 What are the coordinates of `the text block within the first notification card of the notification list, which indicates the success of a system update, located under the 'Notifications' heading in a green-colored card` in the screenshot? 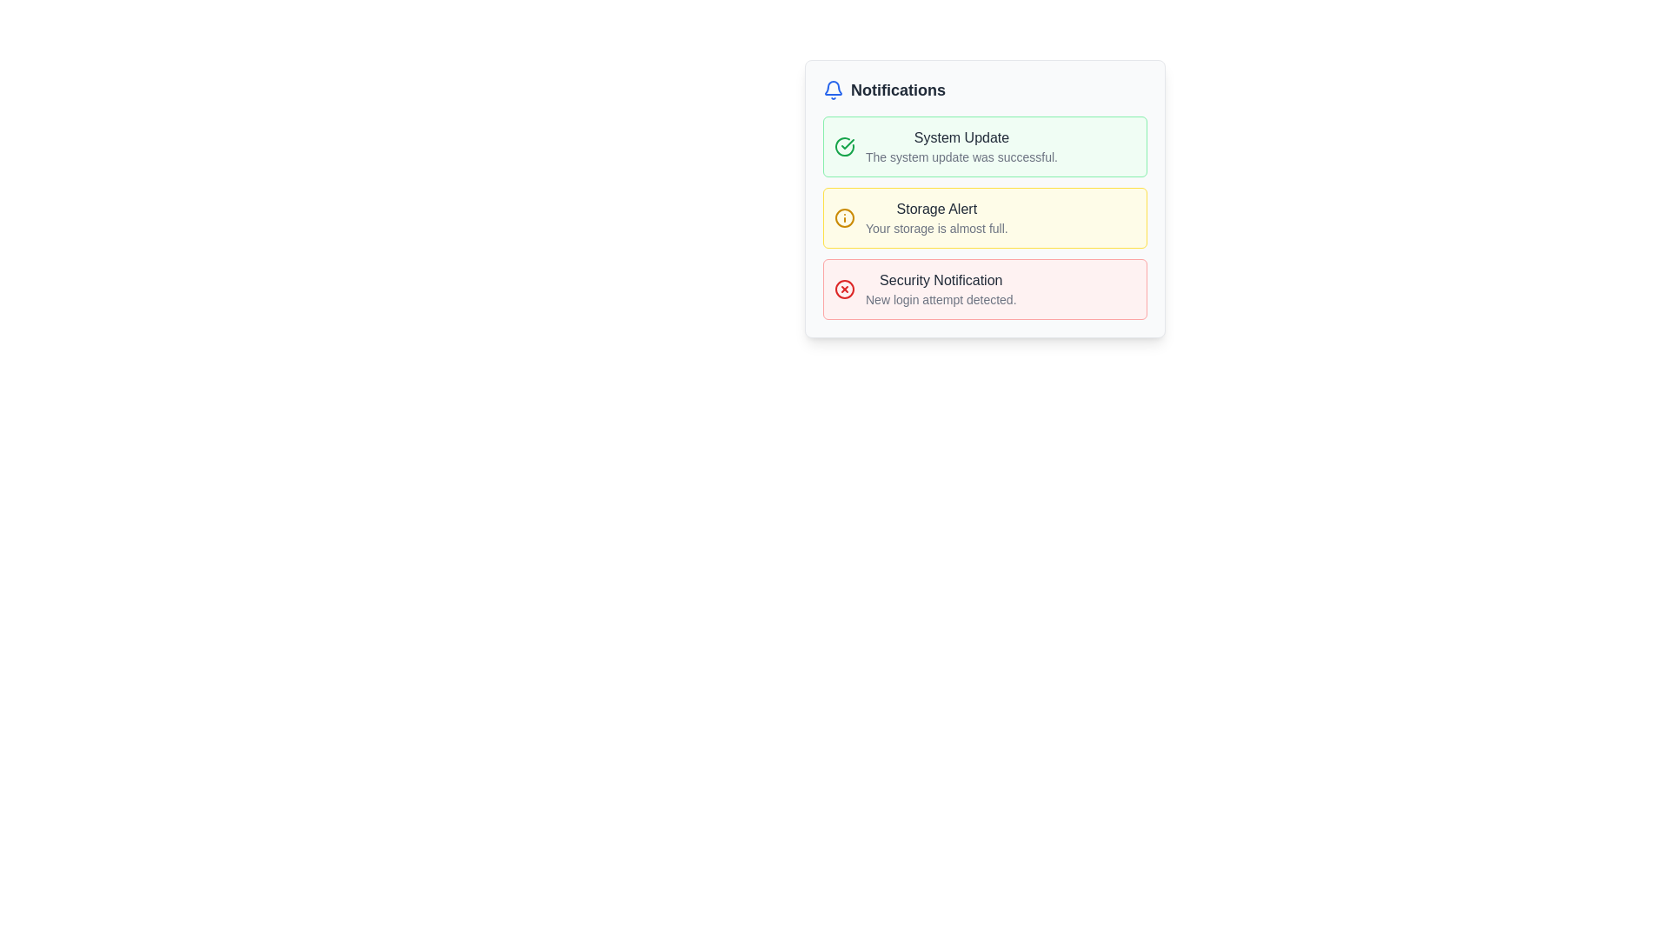 It's located at (961, 146).